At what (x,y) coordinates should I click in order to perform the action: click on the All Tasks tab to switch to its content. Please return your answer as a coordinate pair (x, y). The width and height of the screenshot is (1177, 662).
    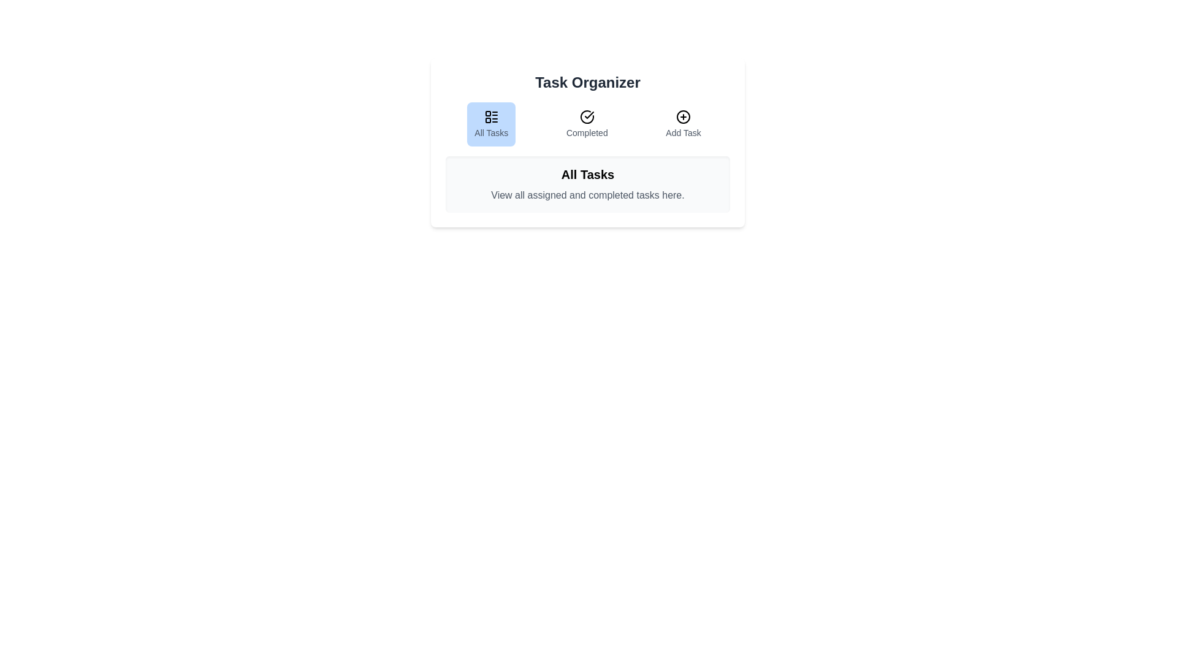
    Looking at the image, I should click on (491, 124).